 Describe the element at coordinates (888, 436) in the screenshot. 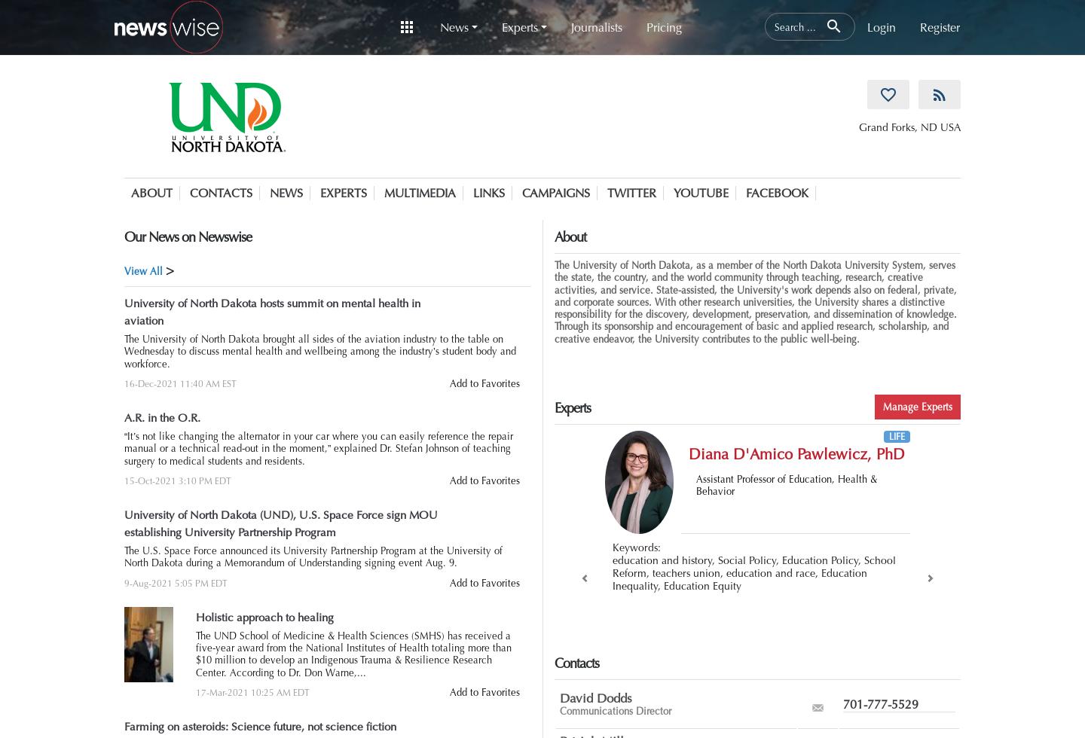

I see `'LIFE'` at that location.